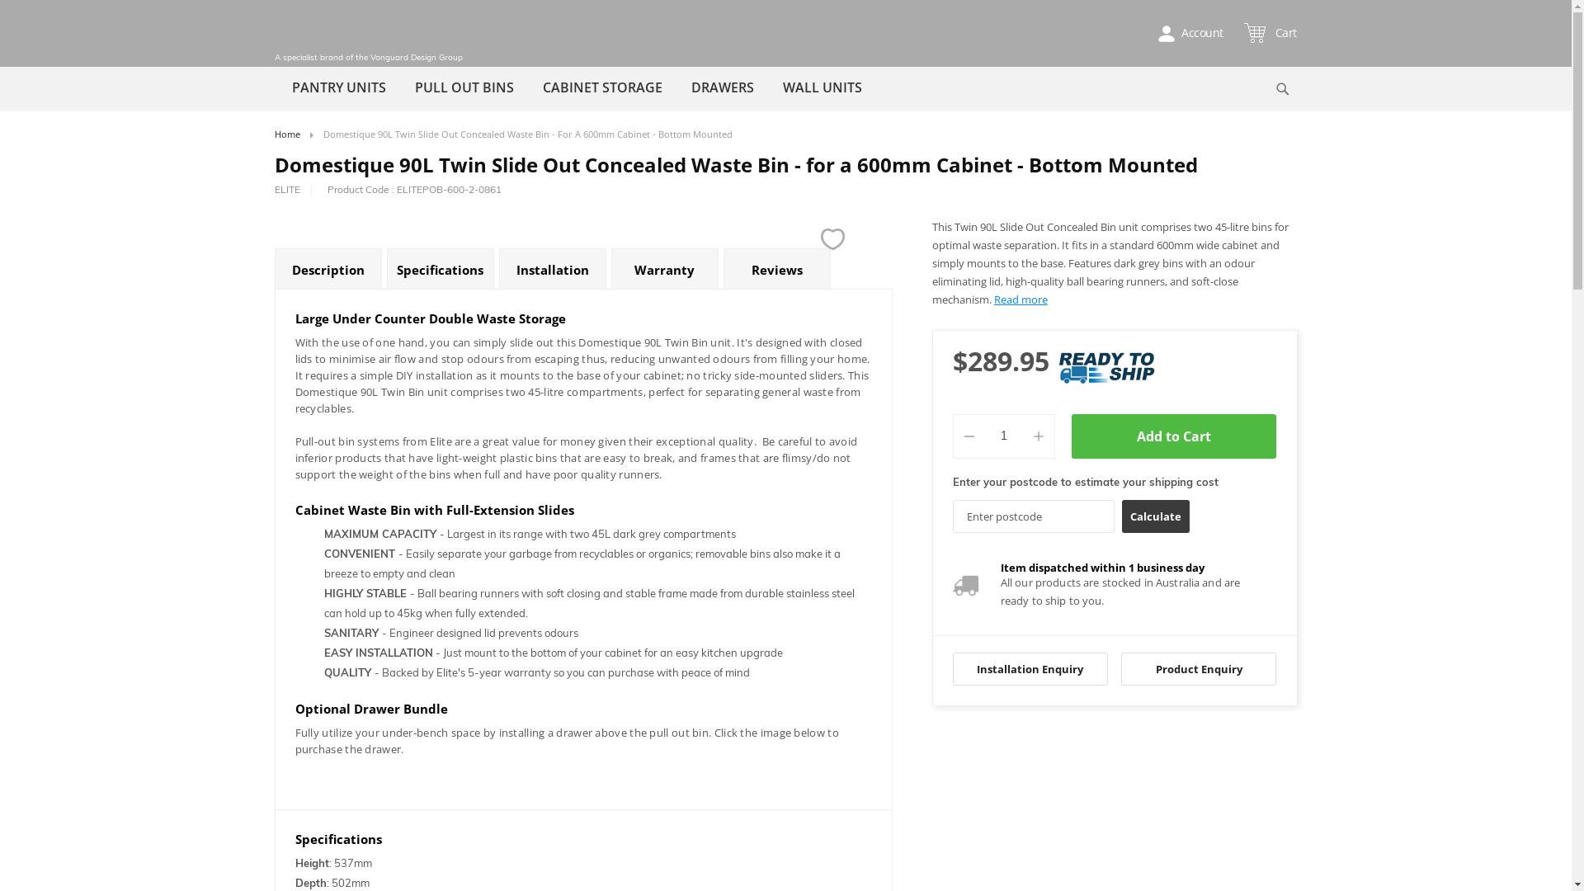 The width and height of the screenshot is (1584, 891). What do you see at coordinates (1173, 435) in the screenshot?
I see `'Add to Cart'` at bounding box center [1173, 435].